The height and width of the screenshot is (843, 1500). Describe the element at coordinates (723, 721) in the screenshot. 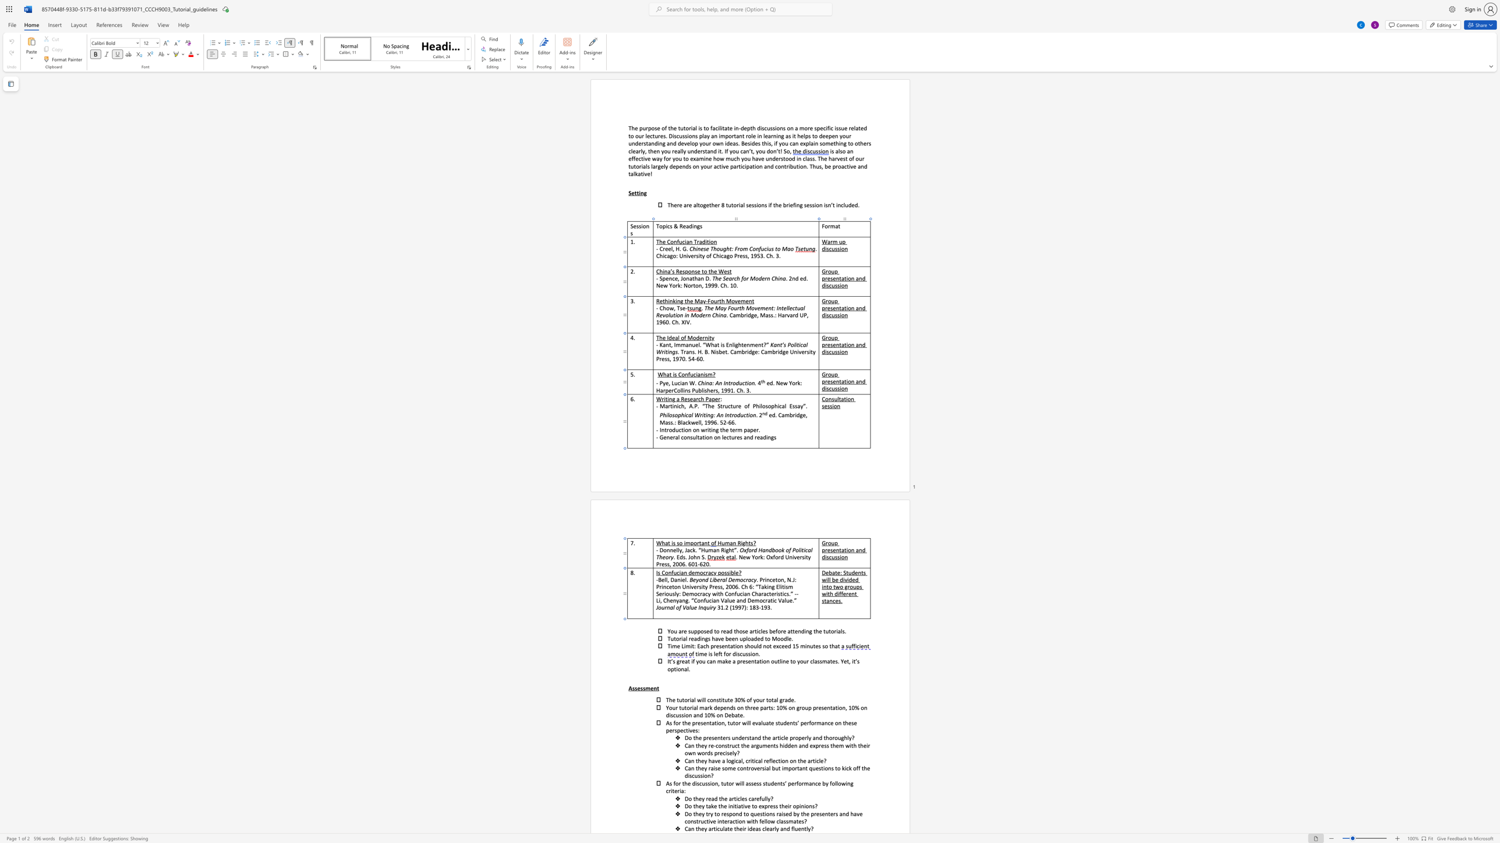

I see `the 2th character "n" in the text` at that location.